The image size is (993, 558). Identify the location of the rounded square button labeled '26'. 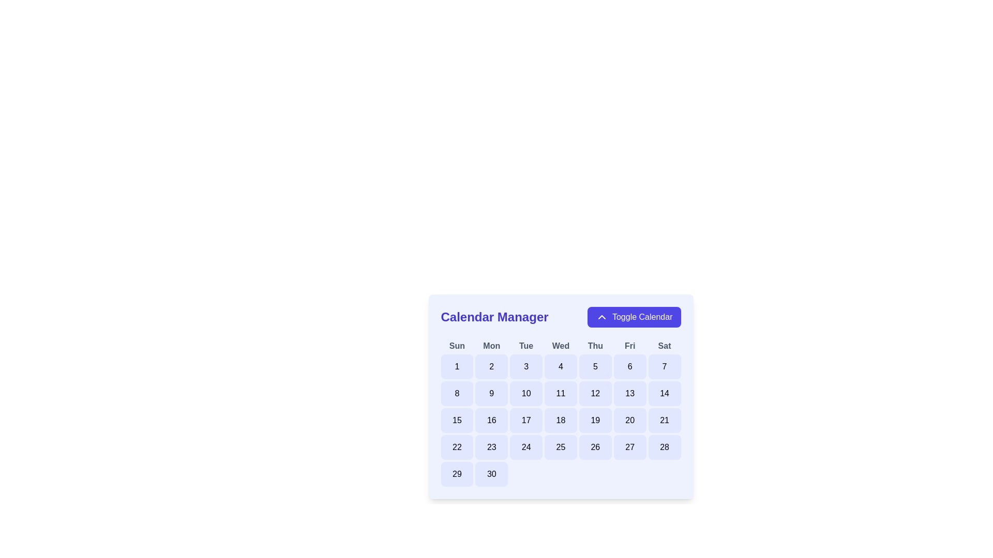
(595, 447).